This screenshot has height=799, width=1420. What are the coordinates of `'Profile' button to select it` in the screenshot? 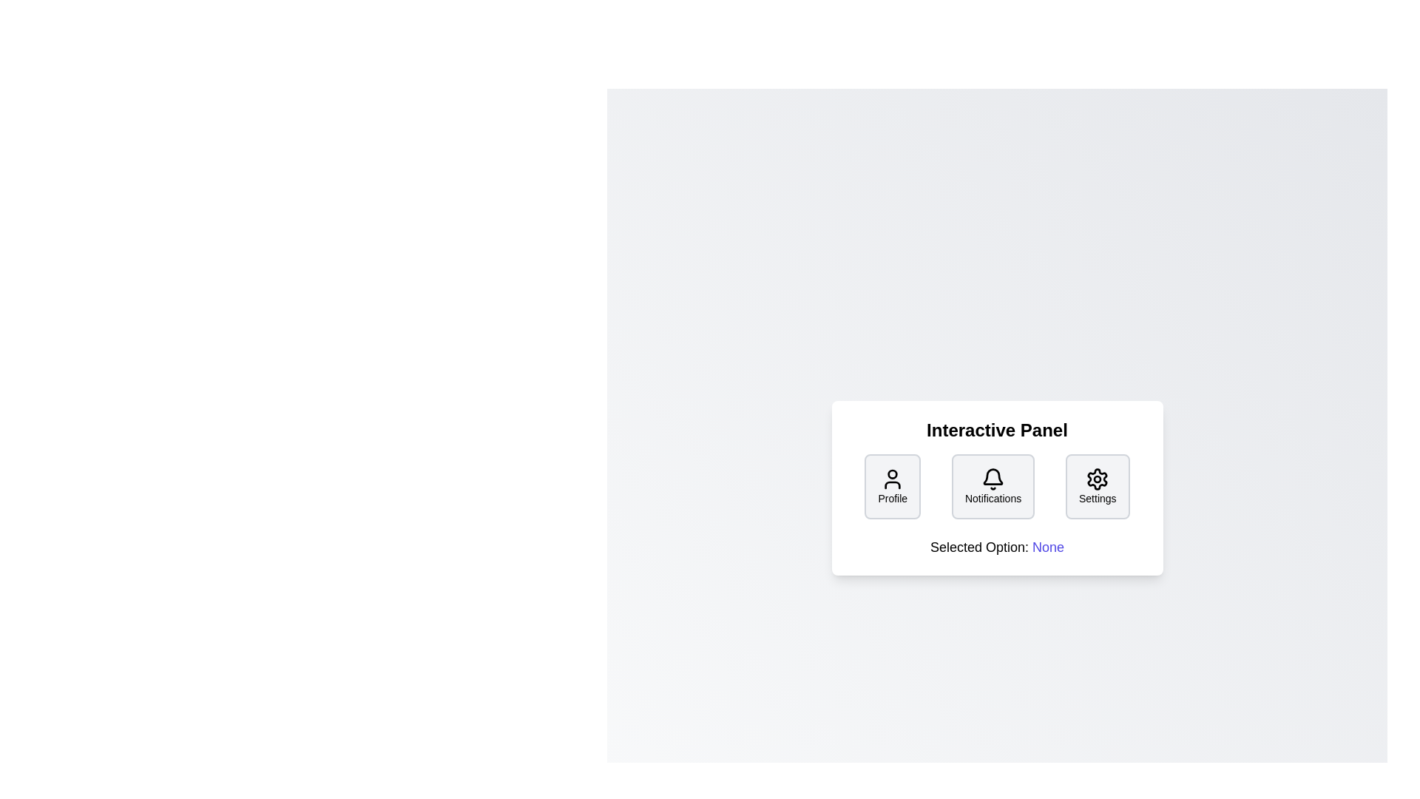 It's located at (892, 487).